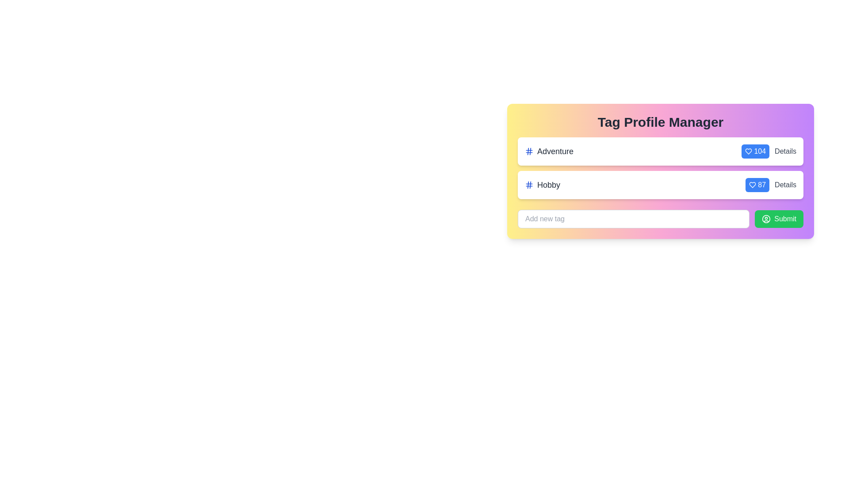 The image size is (849, 477). What do you see at coordinates (748, 151) in the screenshot?
I see `the blue heart-shaped icon indicating a favorite or like feature, located adjacent to the numeric text '87'` at bounding box center [748, 151].